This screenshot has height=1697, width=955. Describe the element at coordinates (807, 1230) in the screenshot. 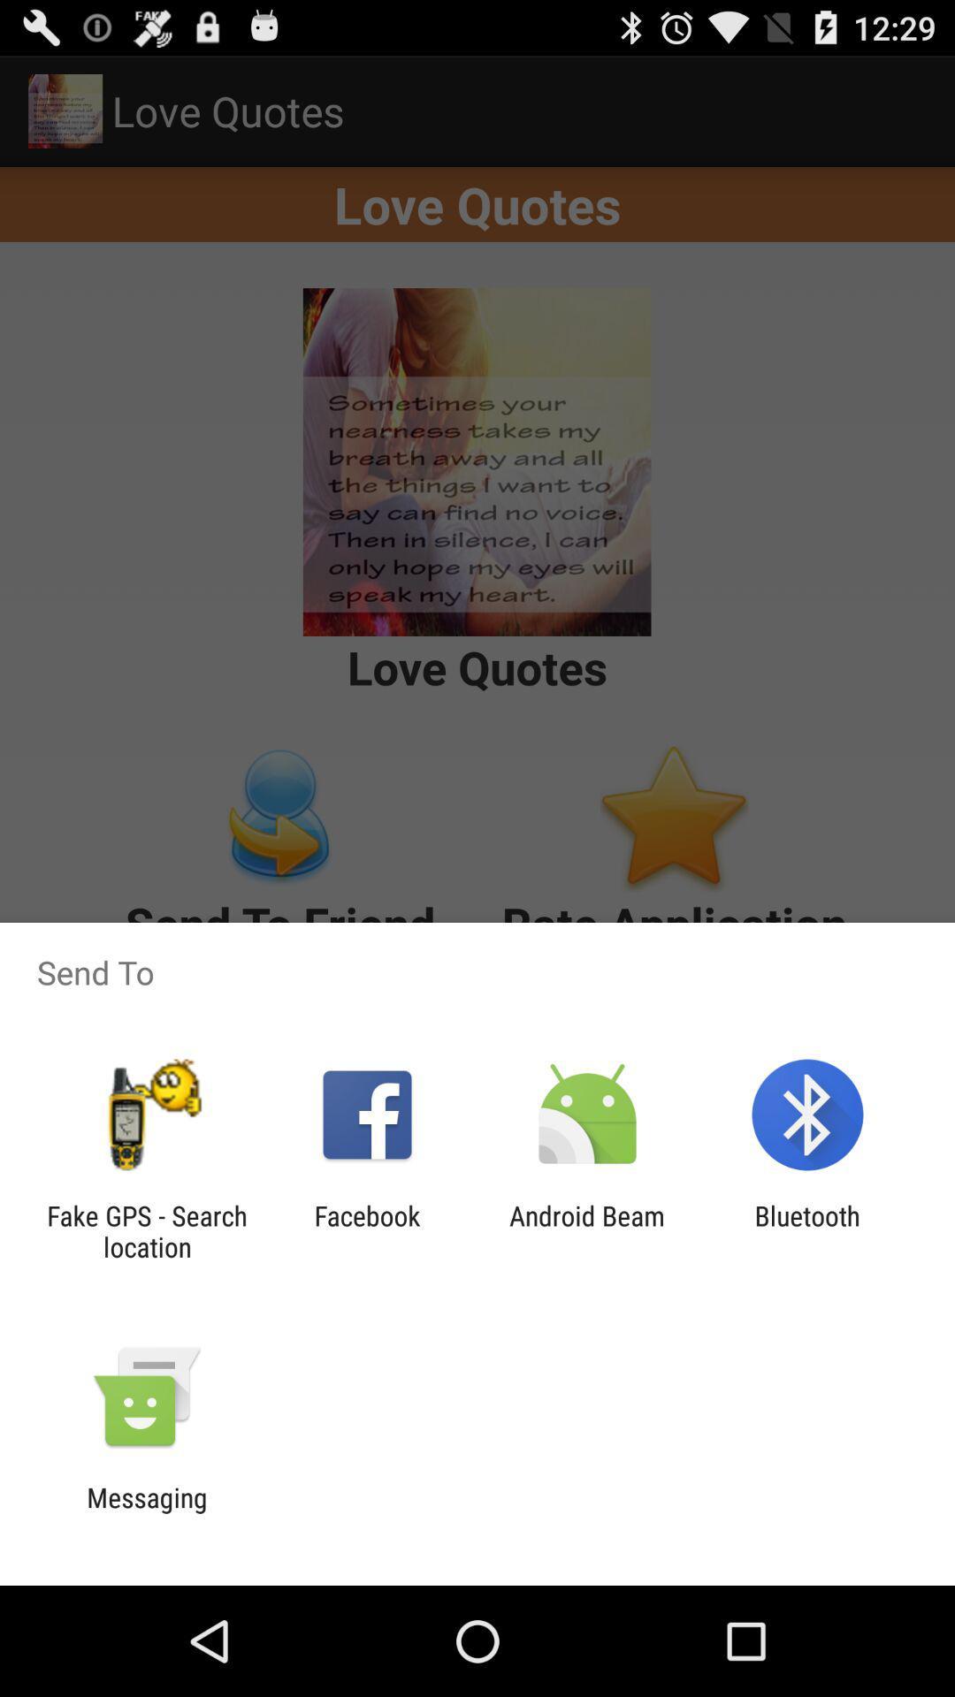

I see `app next to android beam item` at that location.